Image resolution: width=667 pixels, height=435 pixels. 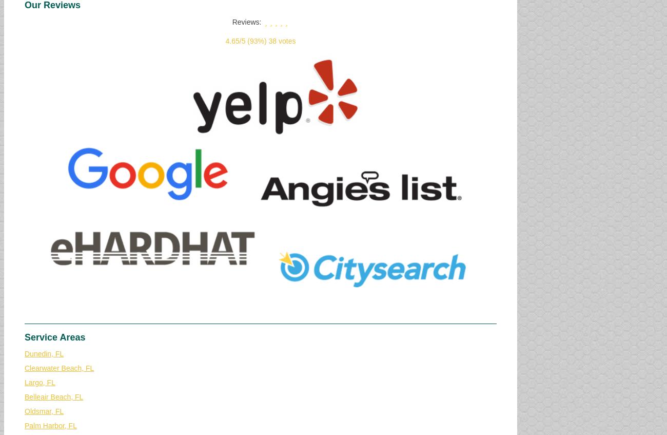 I want to click on '5', so click(x=242, y=41).